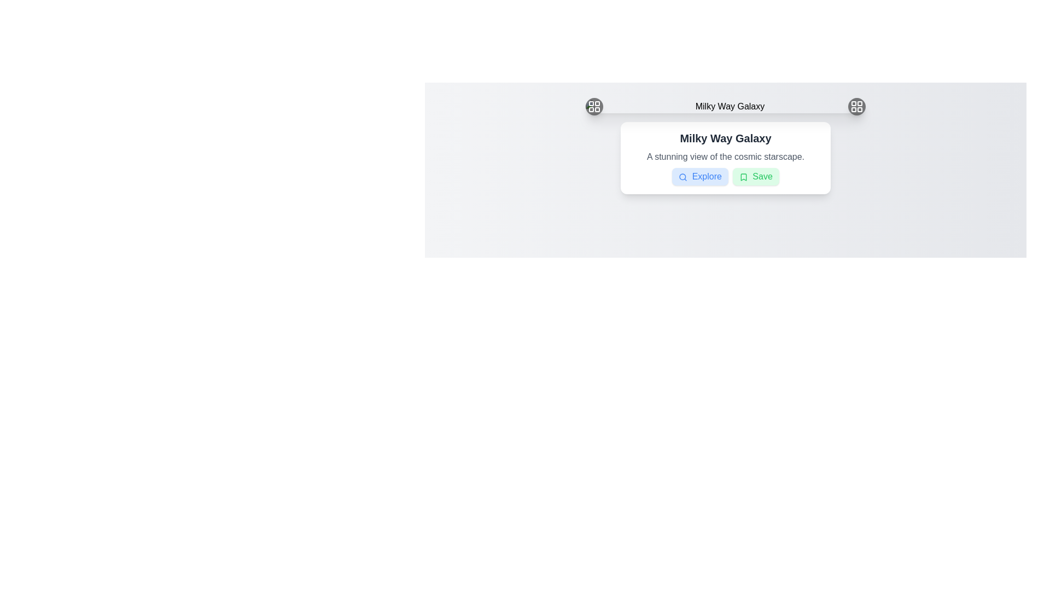 This screenshot has width=1050, height=591. Describe the element at coordinates (682, 176) in the screenshot. I see `the circular search icon located inside the 'Explore' button, positioned to the left of its text label below the title 'Milky Way Galaxy'` at that location.